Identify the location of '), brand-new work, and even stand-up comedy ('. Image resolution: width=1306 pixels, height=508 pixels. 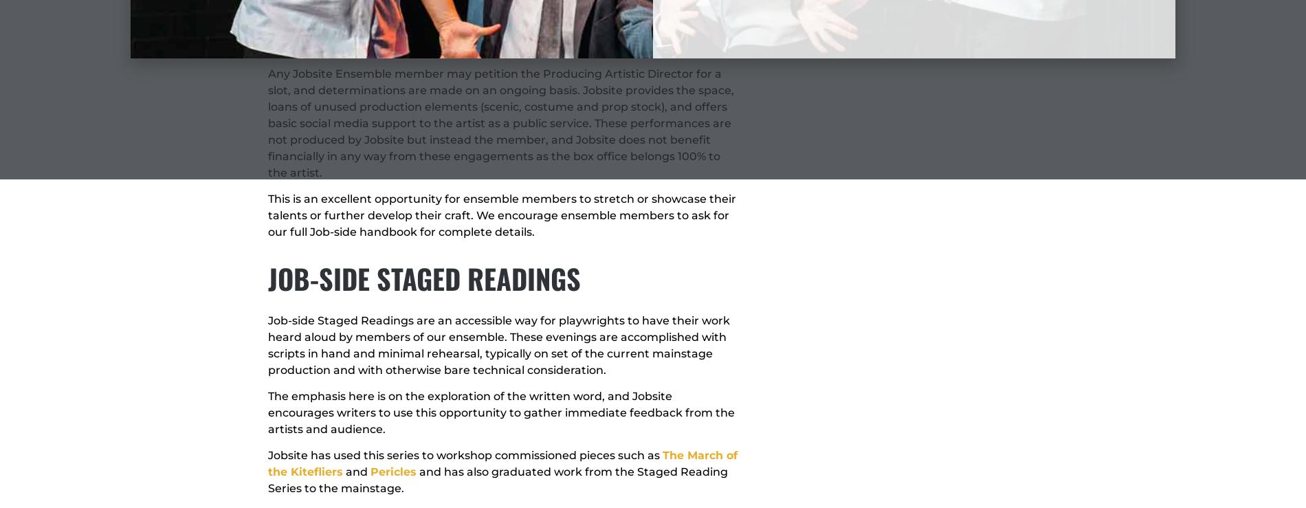
(491, 38).